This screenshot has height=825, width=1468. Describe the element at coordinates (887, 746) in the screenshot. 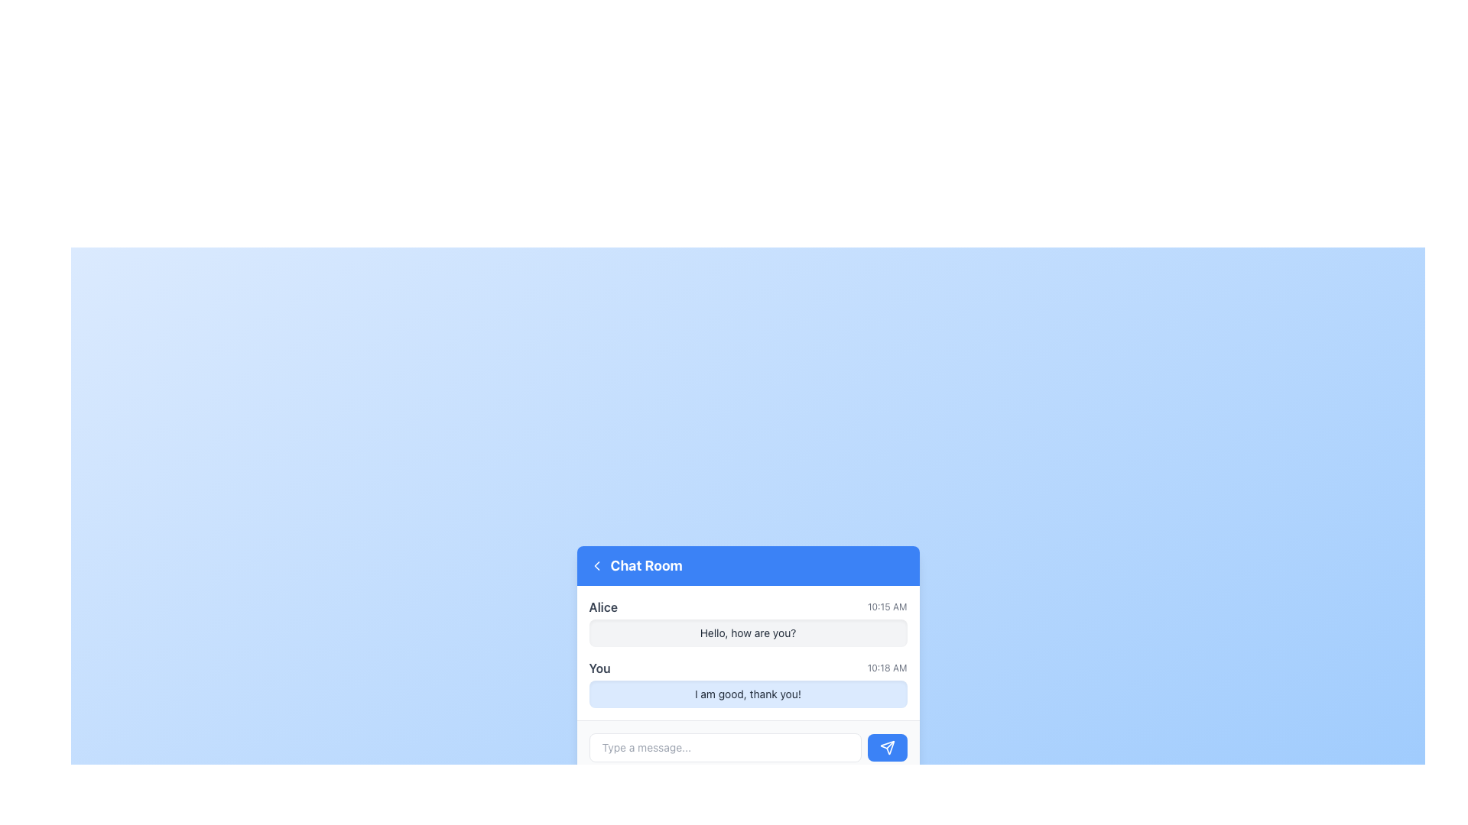

I see `the send button located in the bottom section of the chat interface, positioned to the right of the message input field, to send the typed message` at that location.